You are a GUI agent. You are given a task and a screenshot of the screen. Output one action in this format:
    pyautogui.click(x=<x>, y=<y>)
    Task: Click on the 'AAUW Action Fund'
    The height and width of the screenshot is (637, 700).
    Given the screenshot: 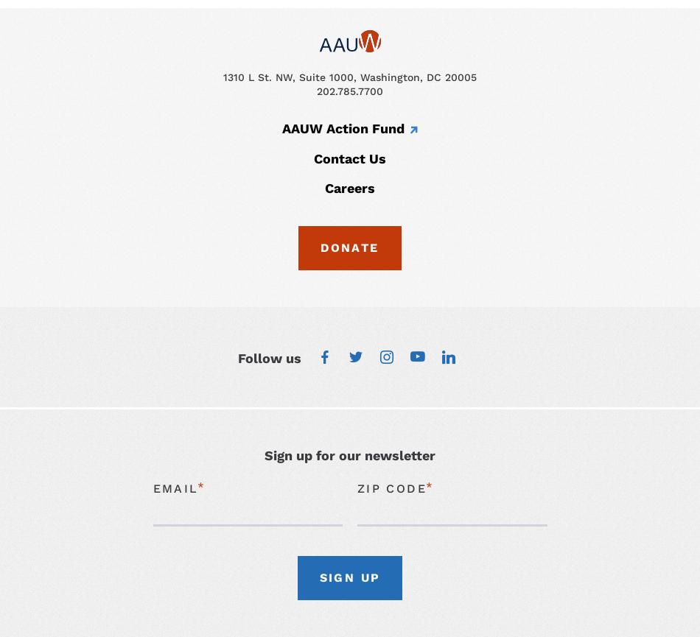 What is the action you would take?
    pyautogui.click(x=342, y=127)
    